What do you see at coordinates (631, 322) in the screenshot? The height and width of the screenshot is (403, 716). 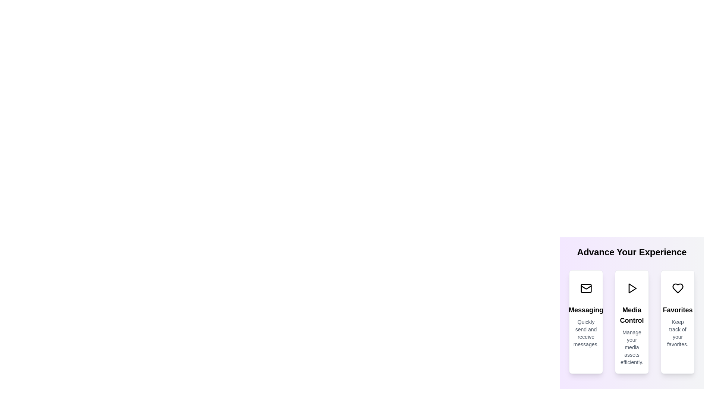 I see `the central card component in the grid layout that provides details about media management functionality` at bounding box center [631, 322].